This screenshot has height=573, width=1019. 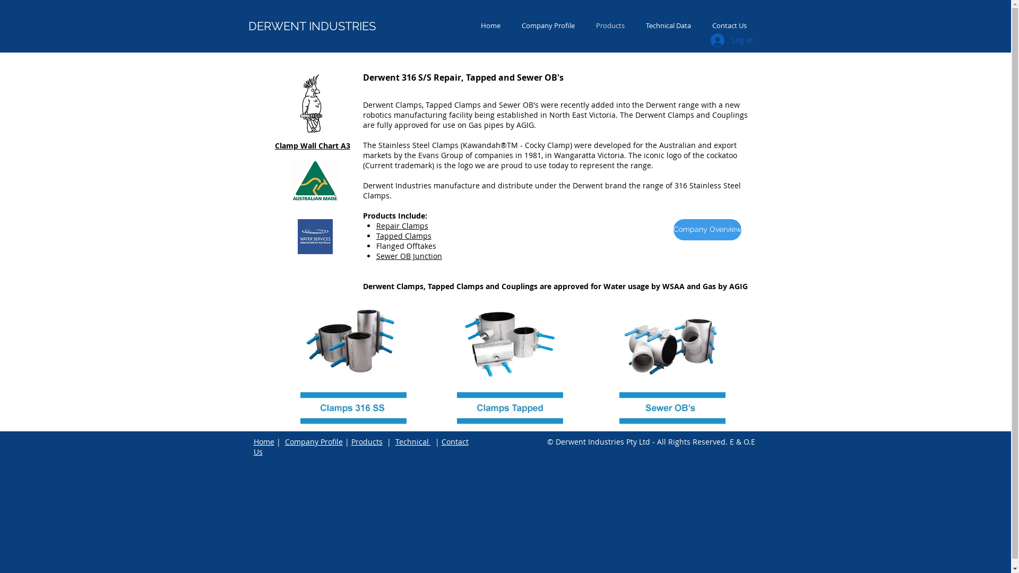 What do you see at coordinates (403, 235) in the screenshot?
I see `'Tapped Clamps'` at bounding box center [403, 235].